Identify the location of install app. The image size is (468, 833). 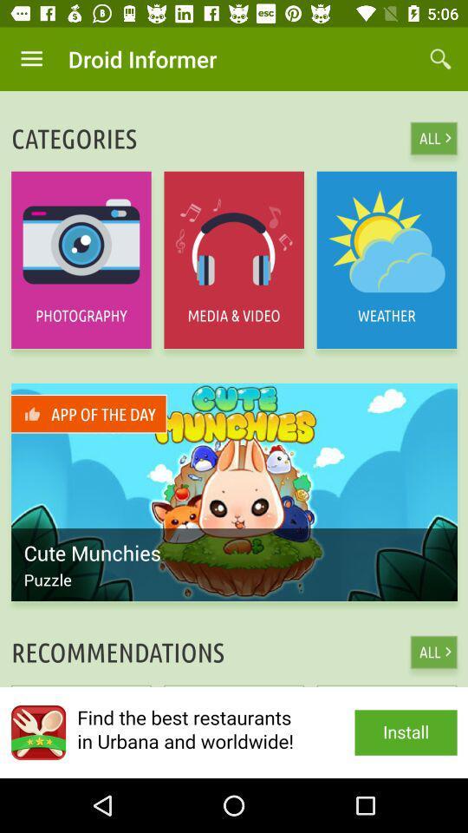
(234, 731).